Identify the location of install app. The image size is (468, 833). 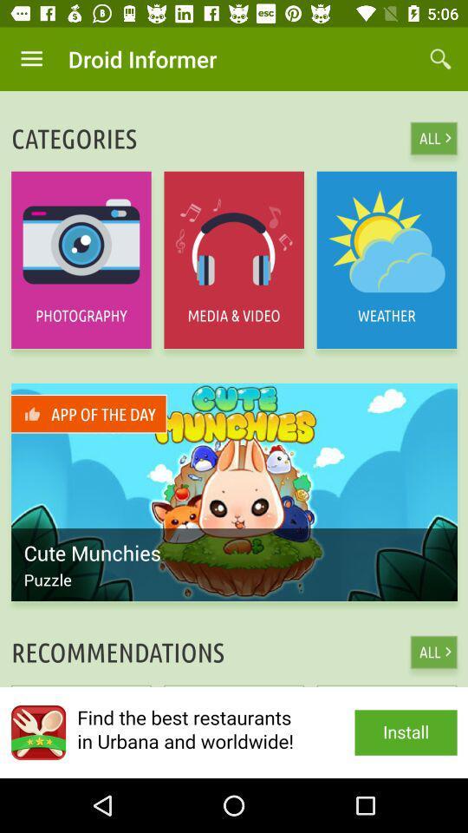
(234, 731).